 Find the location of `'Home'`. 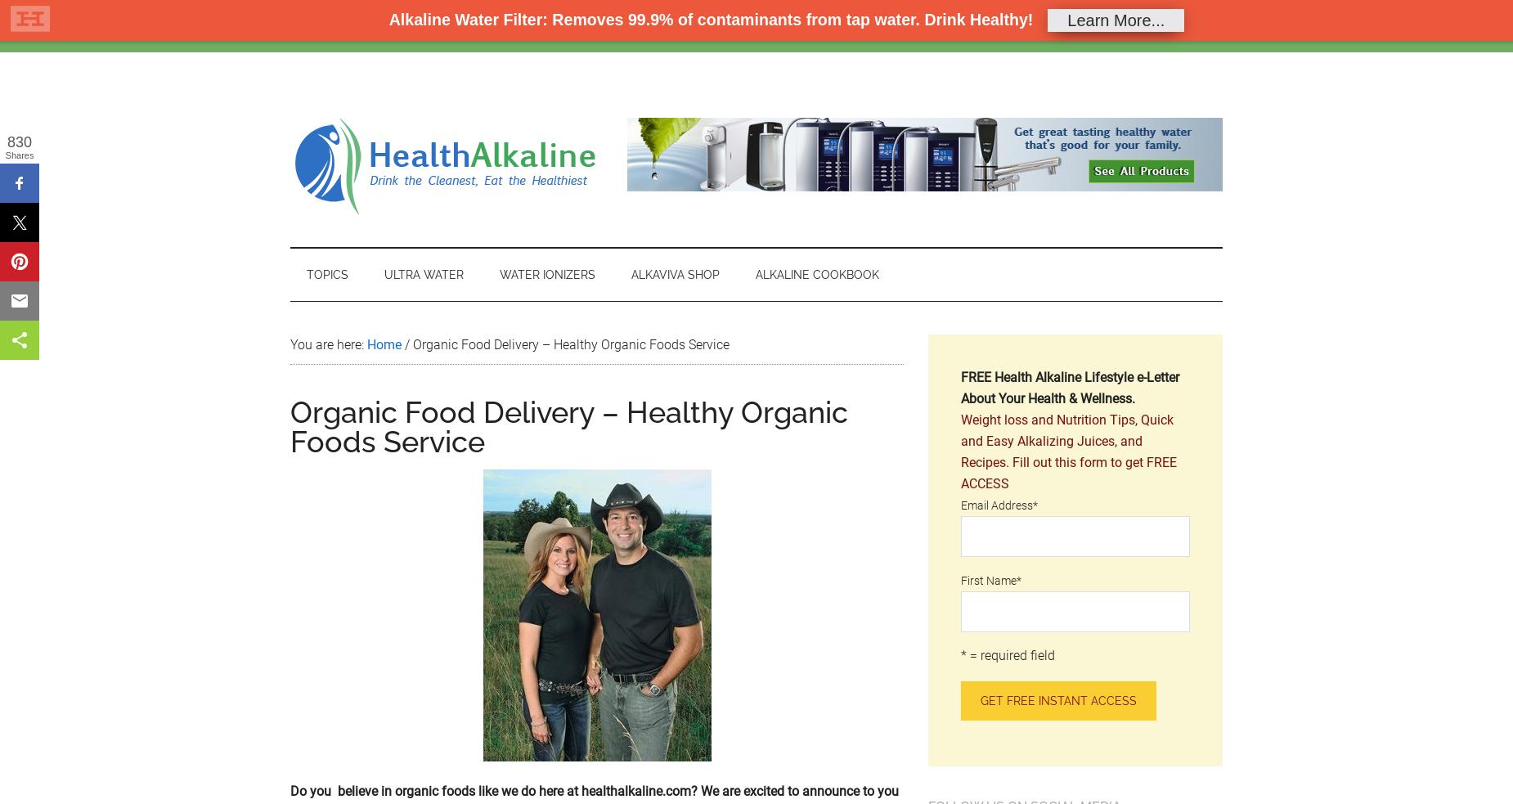

'Home' is located at coordinates (323, 25).